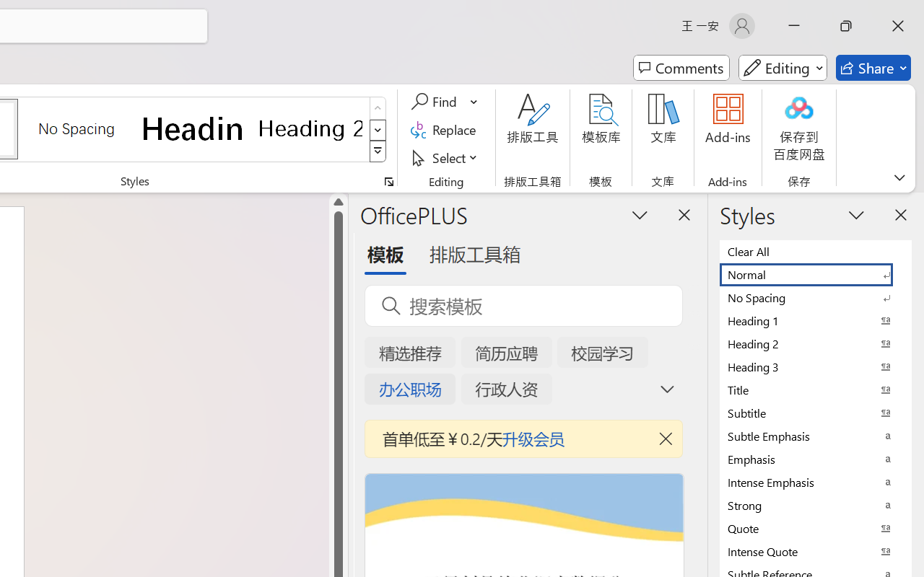 Image resolution: width=924 pixels, height=577 pixels. I want to click on 'Line up', so click(338, 202).